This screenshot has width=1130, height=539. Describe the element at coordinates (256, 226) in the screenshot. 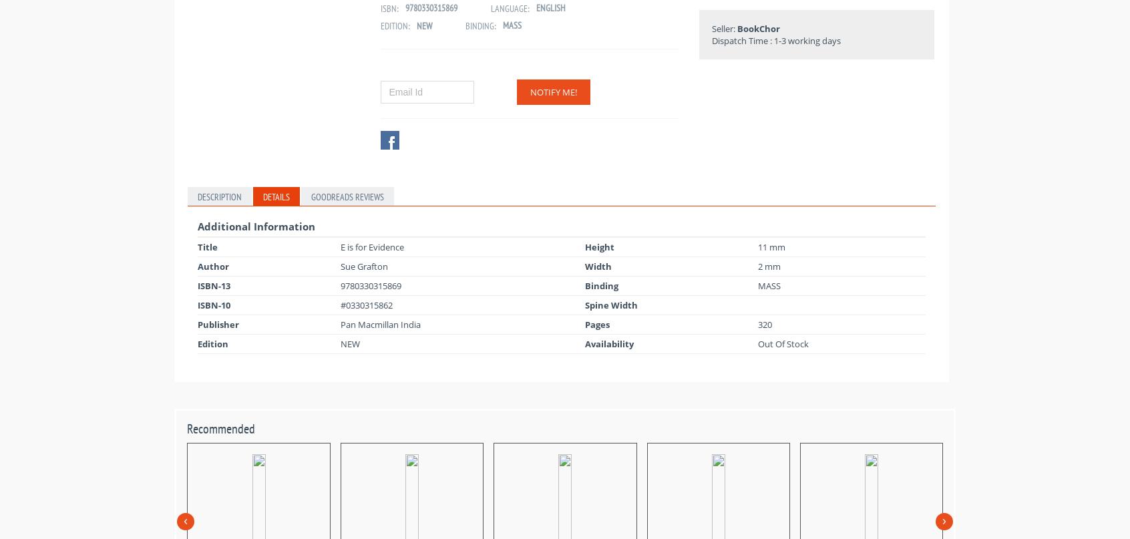

I see `'Additional Information'` at that location.